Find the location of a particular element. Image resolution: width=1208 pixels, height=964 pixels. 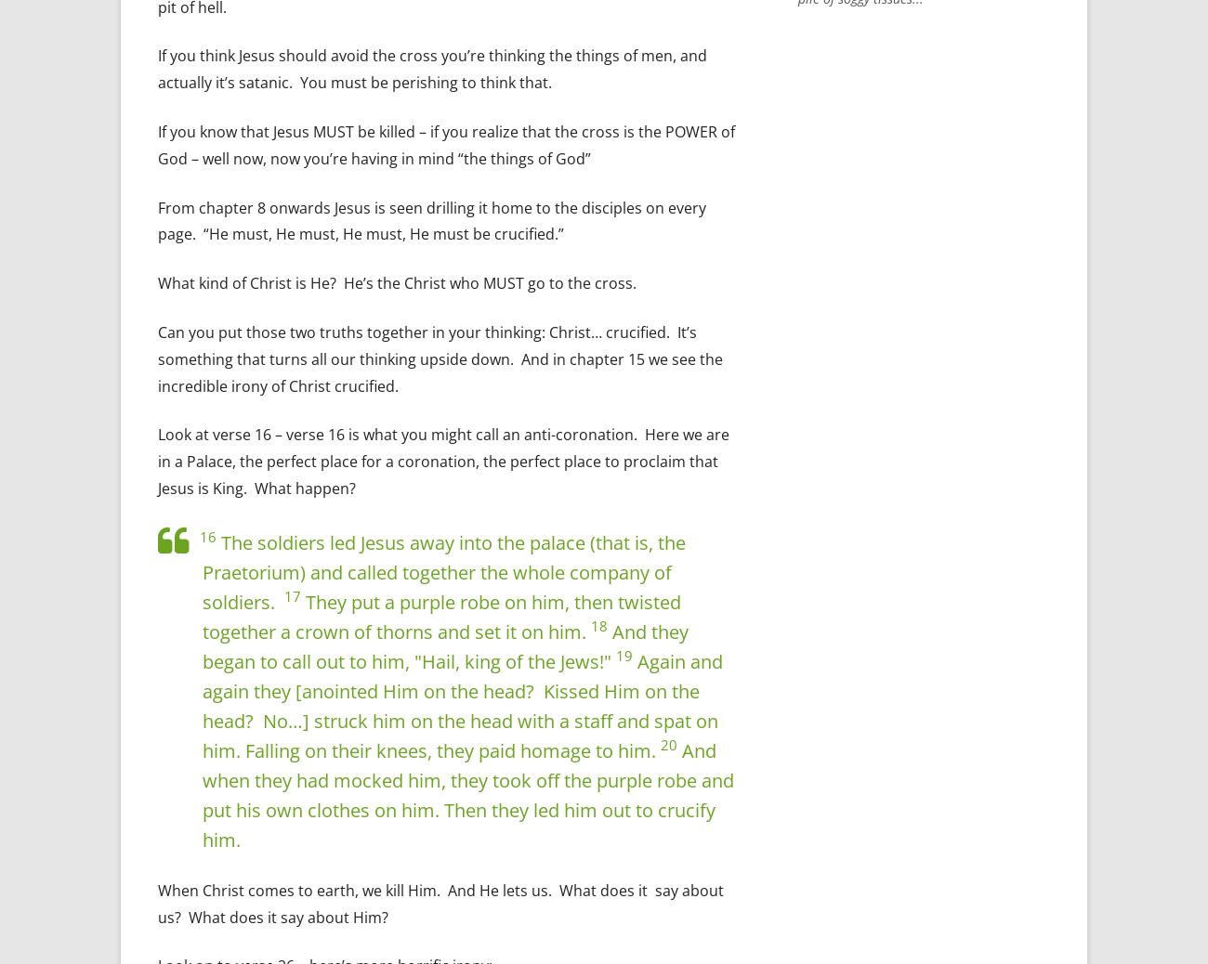

'What kind of Christ is He?  He’s the Christ who MUST go to the cross.' is located at coordinates (397, 282).